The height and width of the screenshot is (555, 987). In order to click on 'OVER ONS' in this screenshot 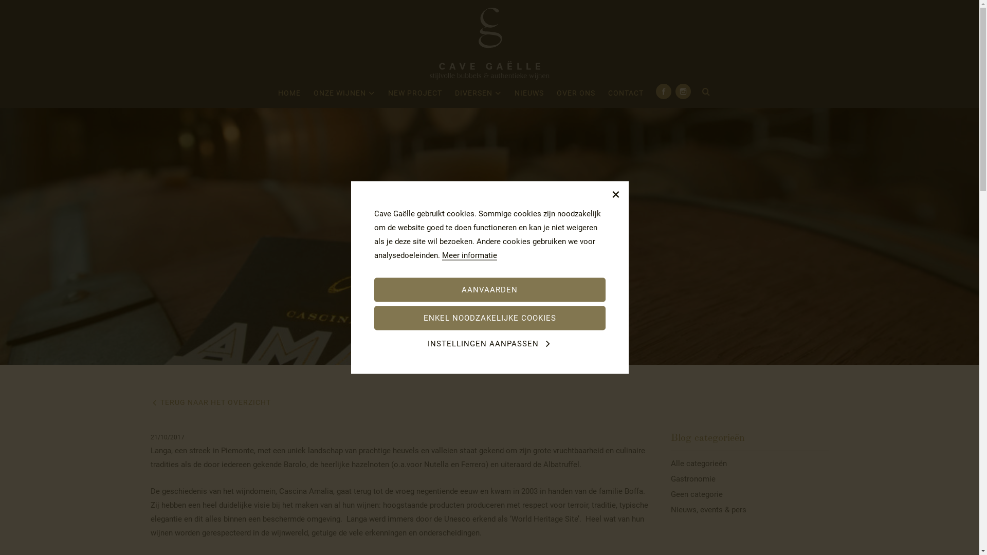, I will do `click(576, 95)`.